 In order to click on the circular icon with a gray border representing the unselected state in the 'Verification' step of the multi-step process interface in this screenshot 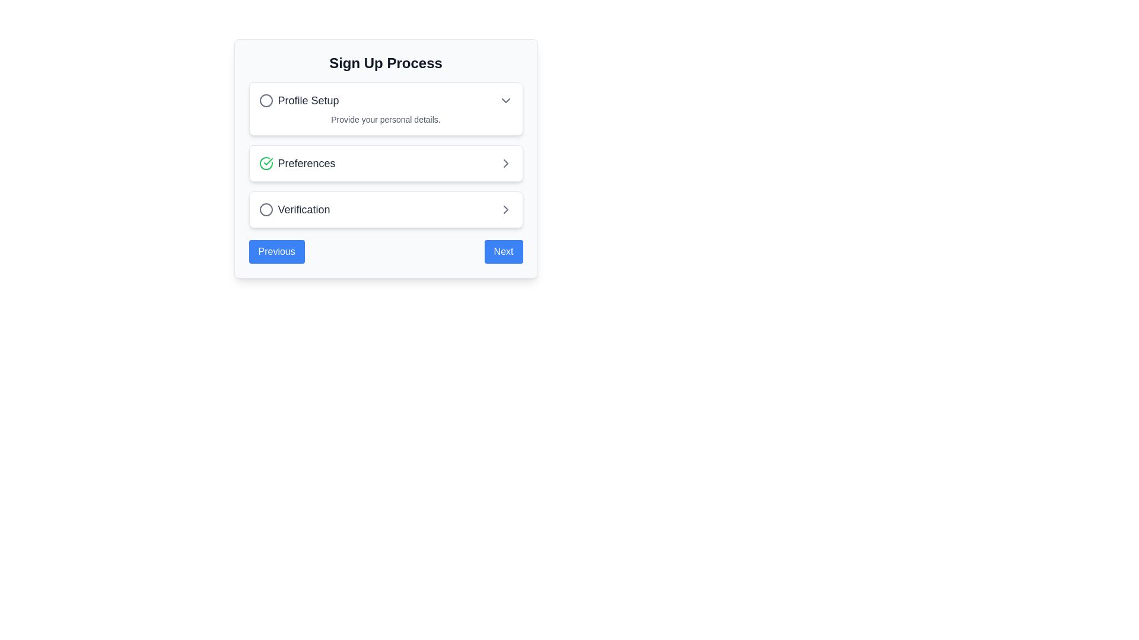, I will do `click(265, 209)`.